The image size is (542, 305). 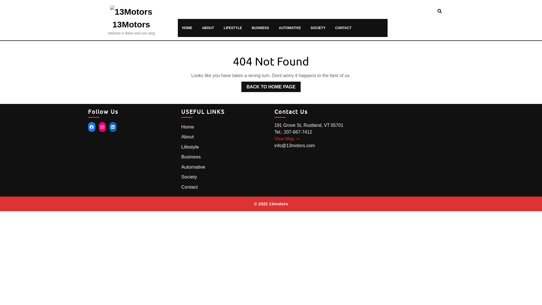 I want to click on 'HOME', so click(x=181, y=28).